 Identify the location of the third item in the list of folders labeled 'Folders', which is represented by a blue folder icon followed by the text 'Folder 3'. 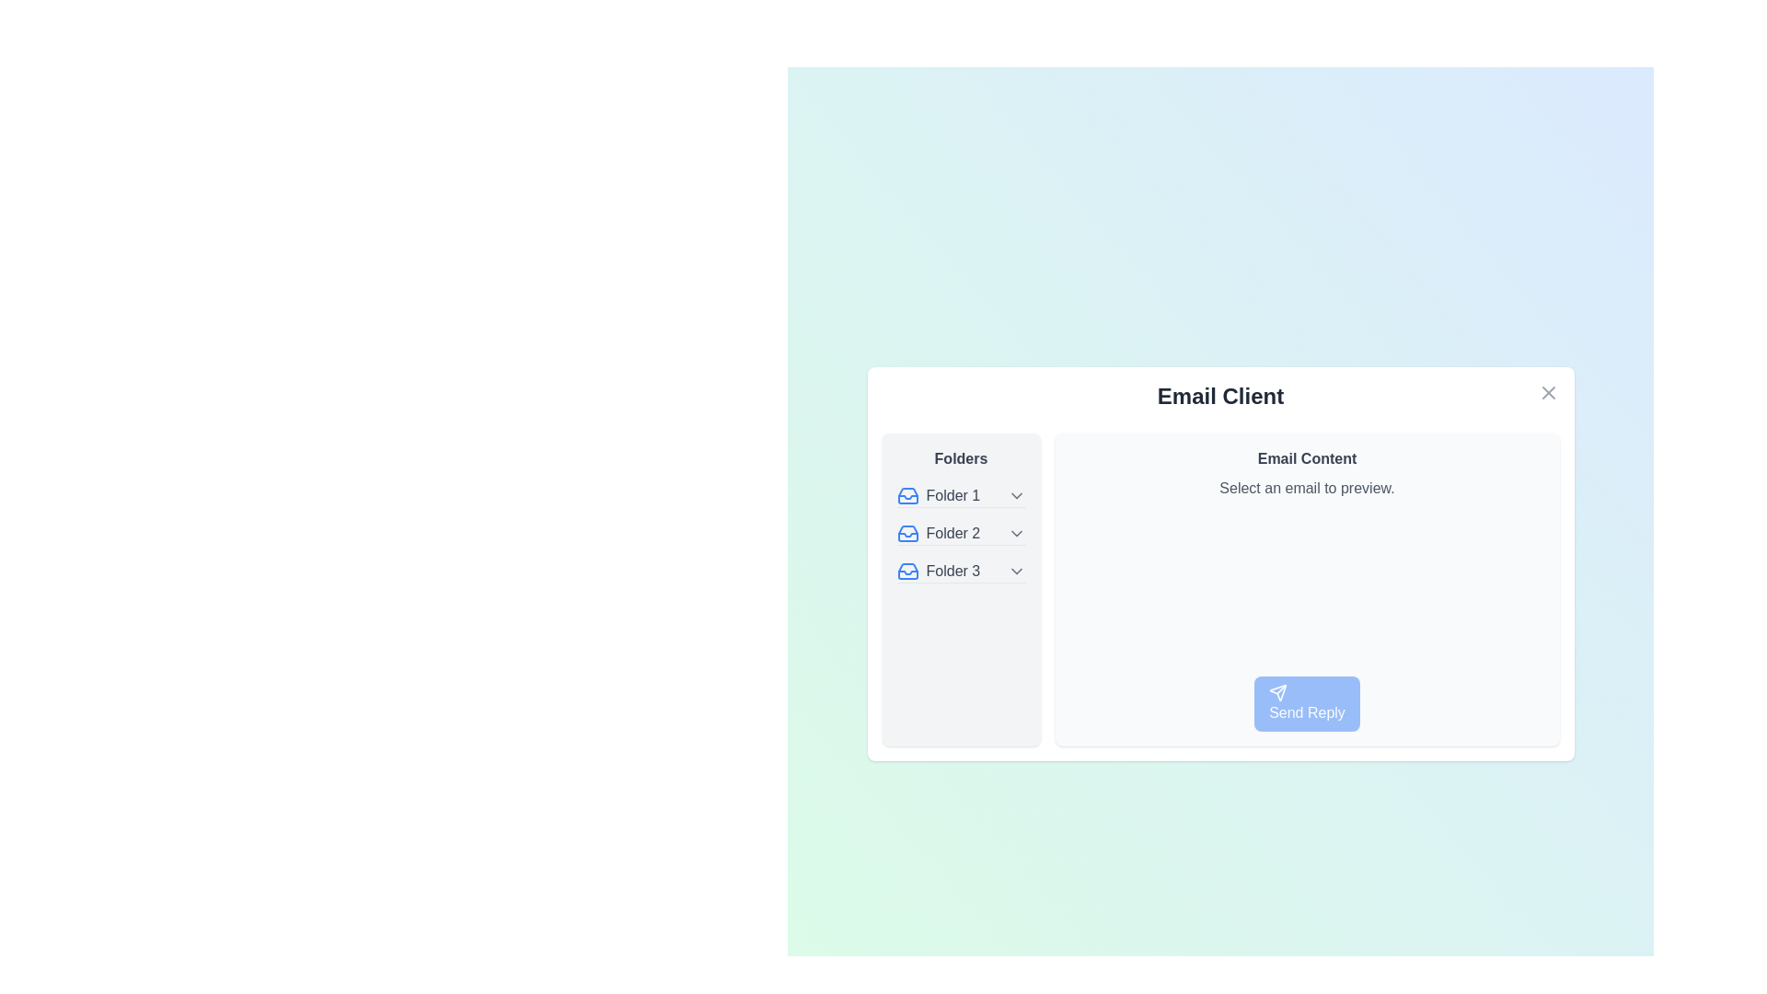
(960, 571).